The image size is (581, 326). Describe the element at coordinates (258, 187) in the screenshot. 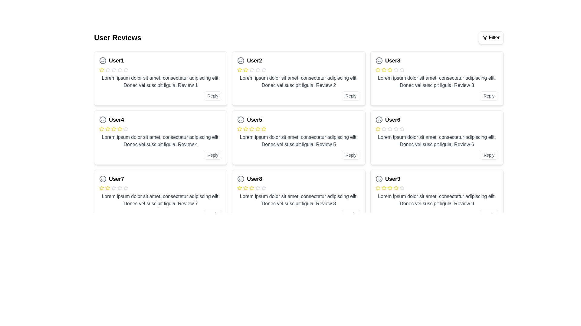

I see `the third star icon in the rating system of the 'User8' review box` at that location.